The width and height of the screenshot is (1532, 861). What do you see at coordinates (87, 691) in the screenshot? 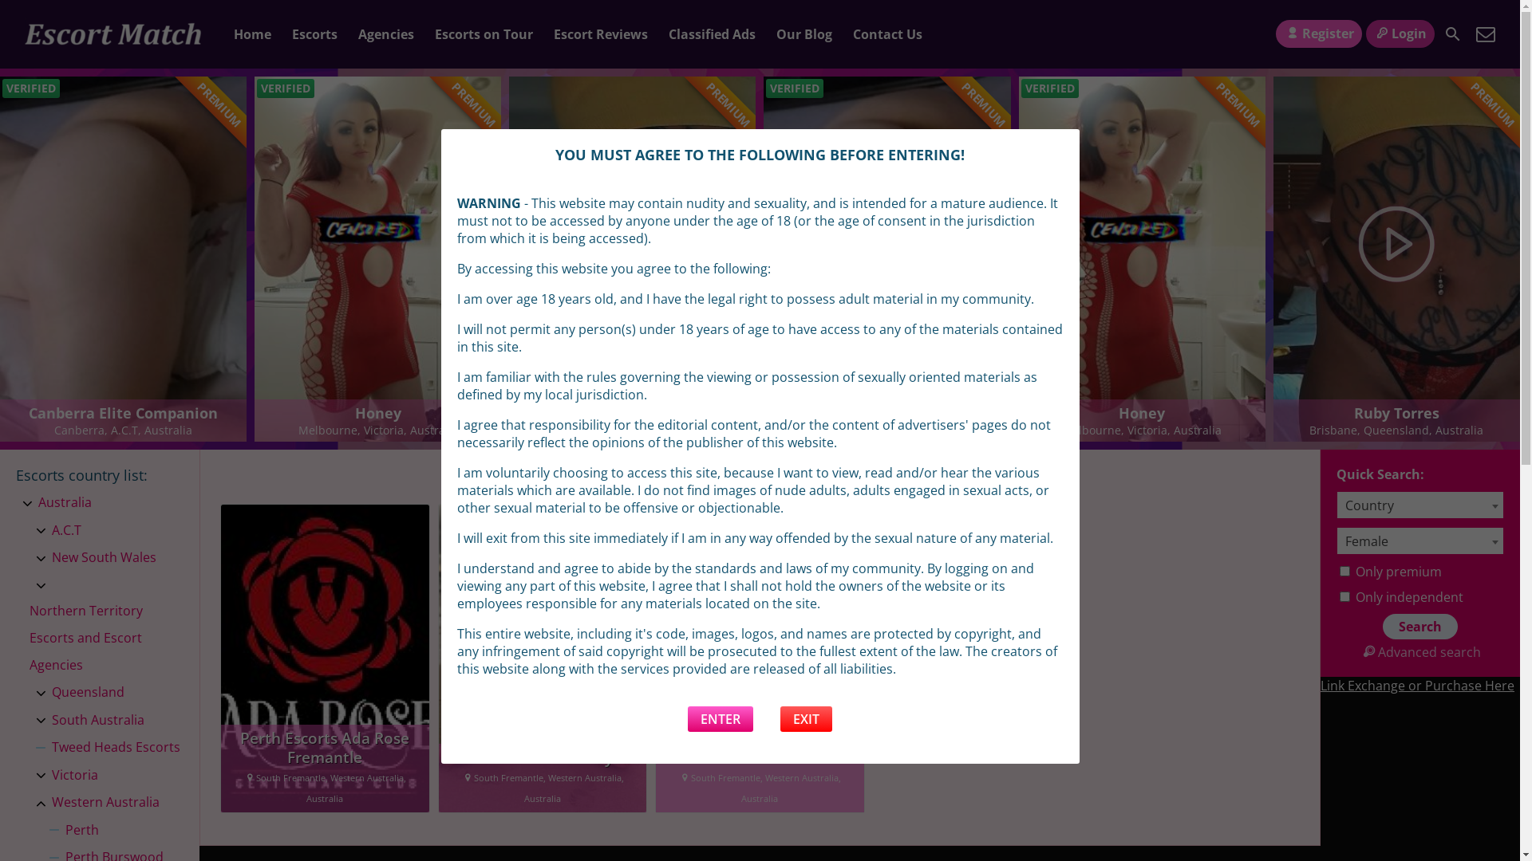
I see `'Queensland'` at bounding box center [87, 691].